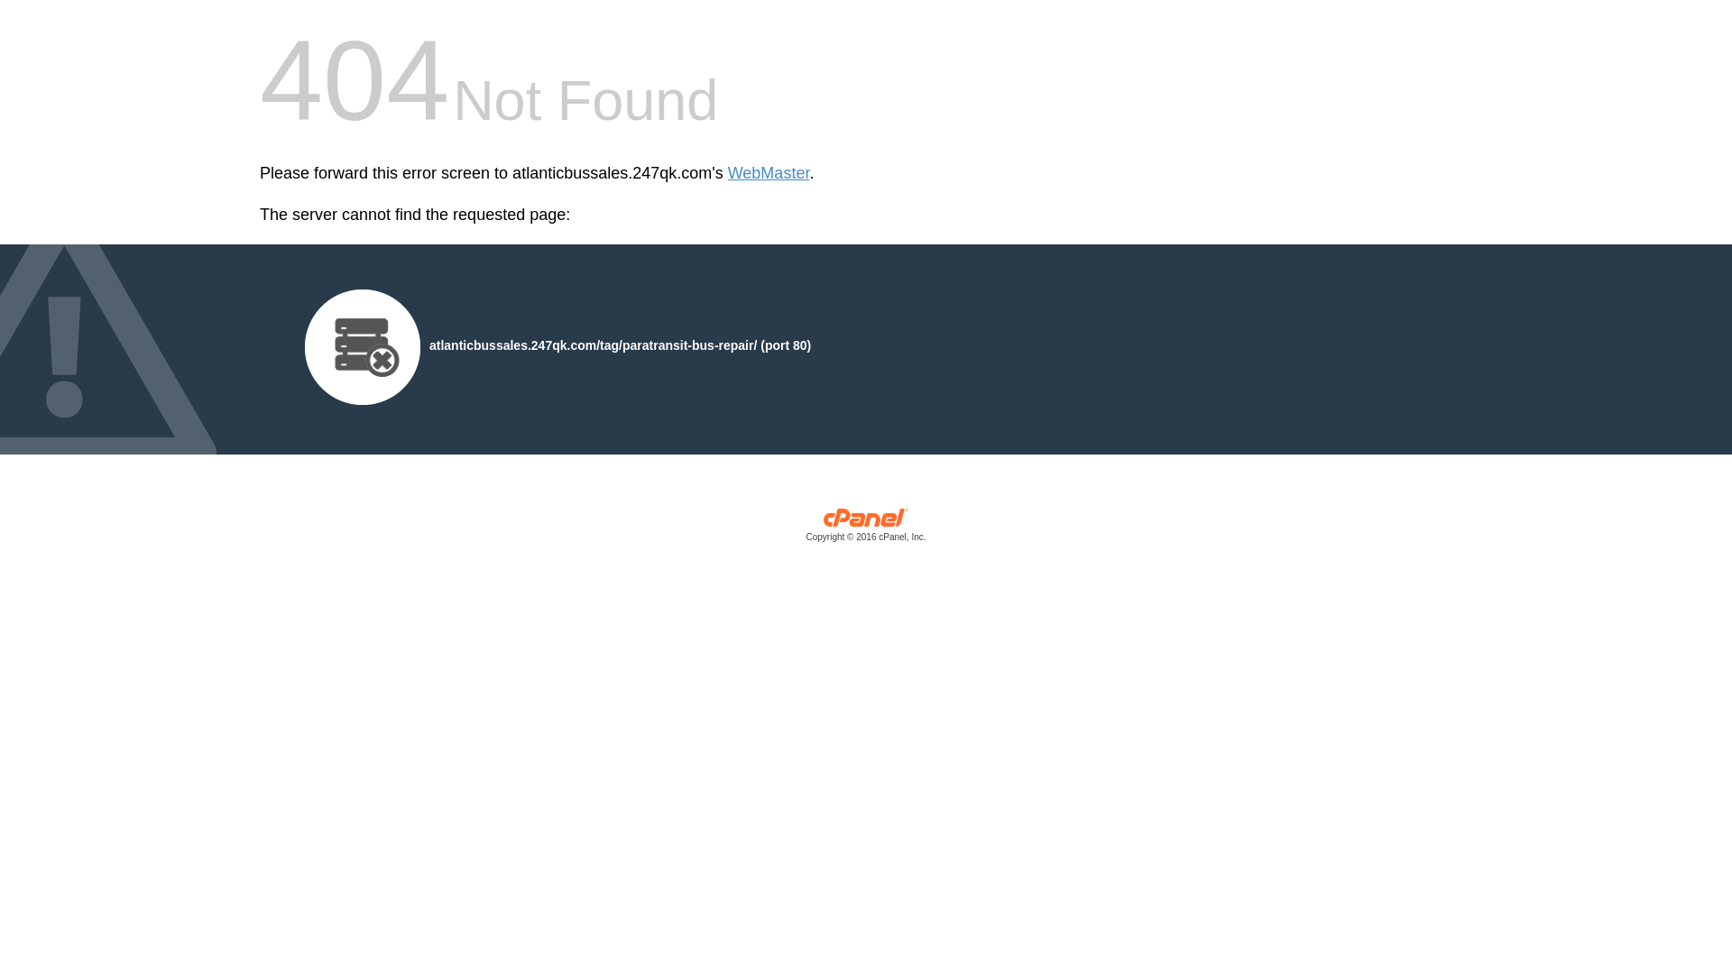 The height and width of the screenshot is (974, 1732). I want to click on 'WebMaster', so click(769, 173).